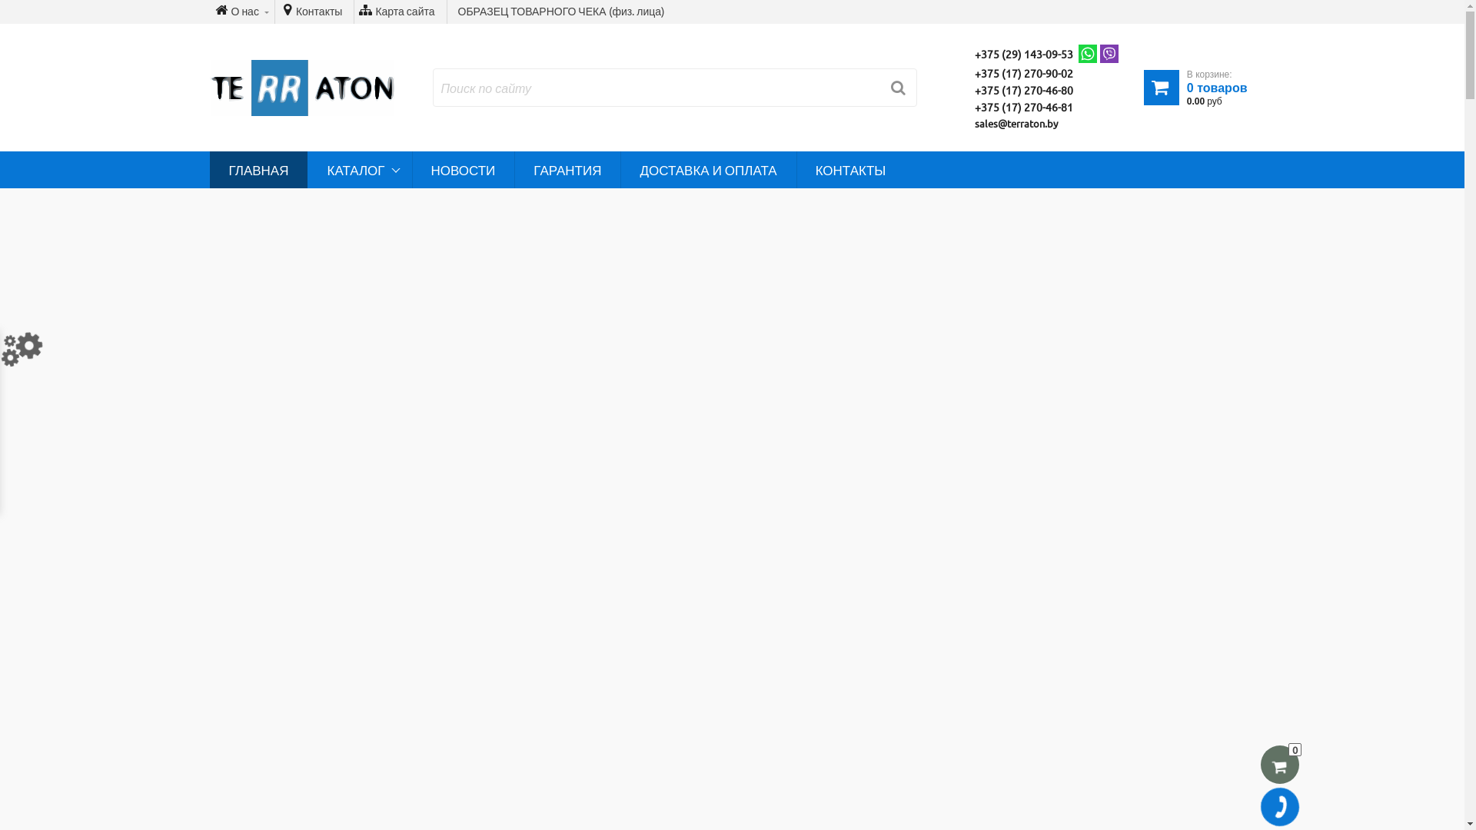  I want to click on '+375 (17) 270-90-02', so click(973, 73).